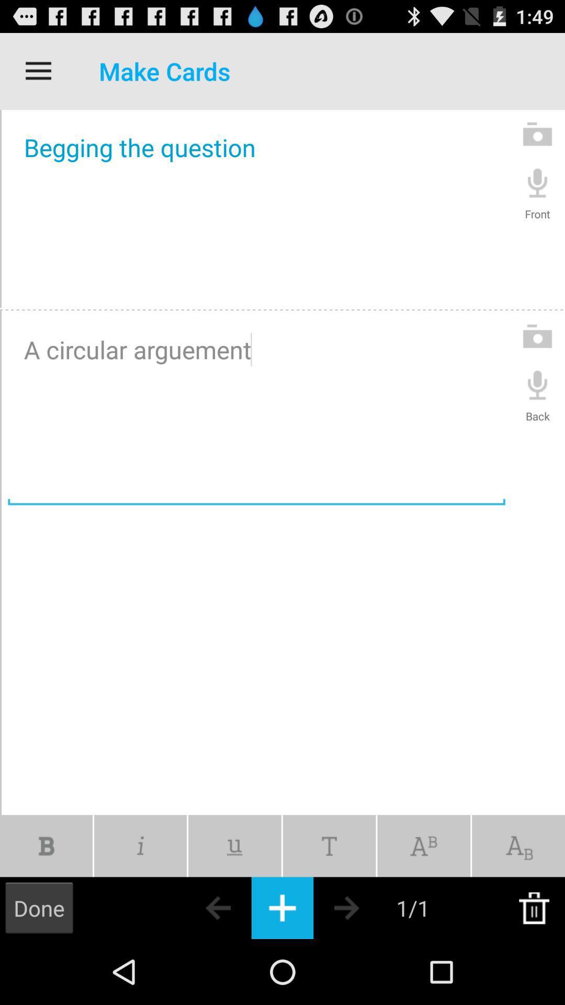 The image size is (565, 1005). I want to click on the a circular arguement item, so click(256, 410).